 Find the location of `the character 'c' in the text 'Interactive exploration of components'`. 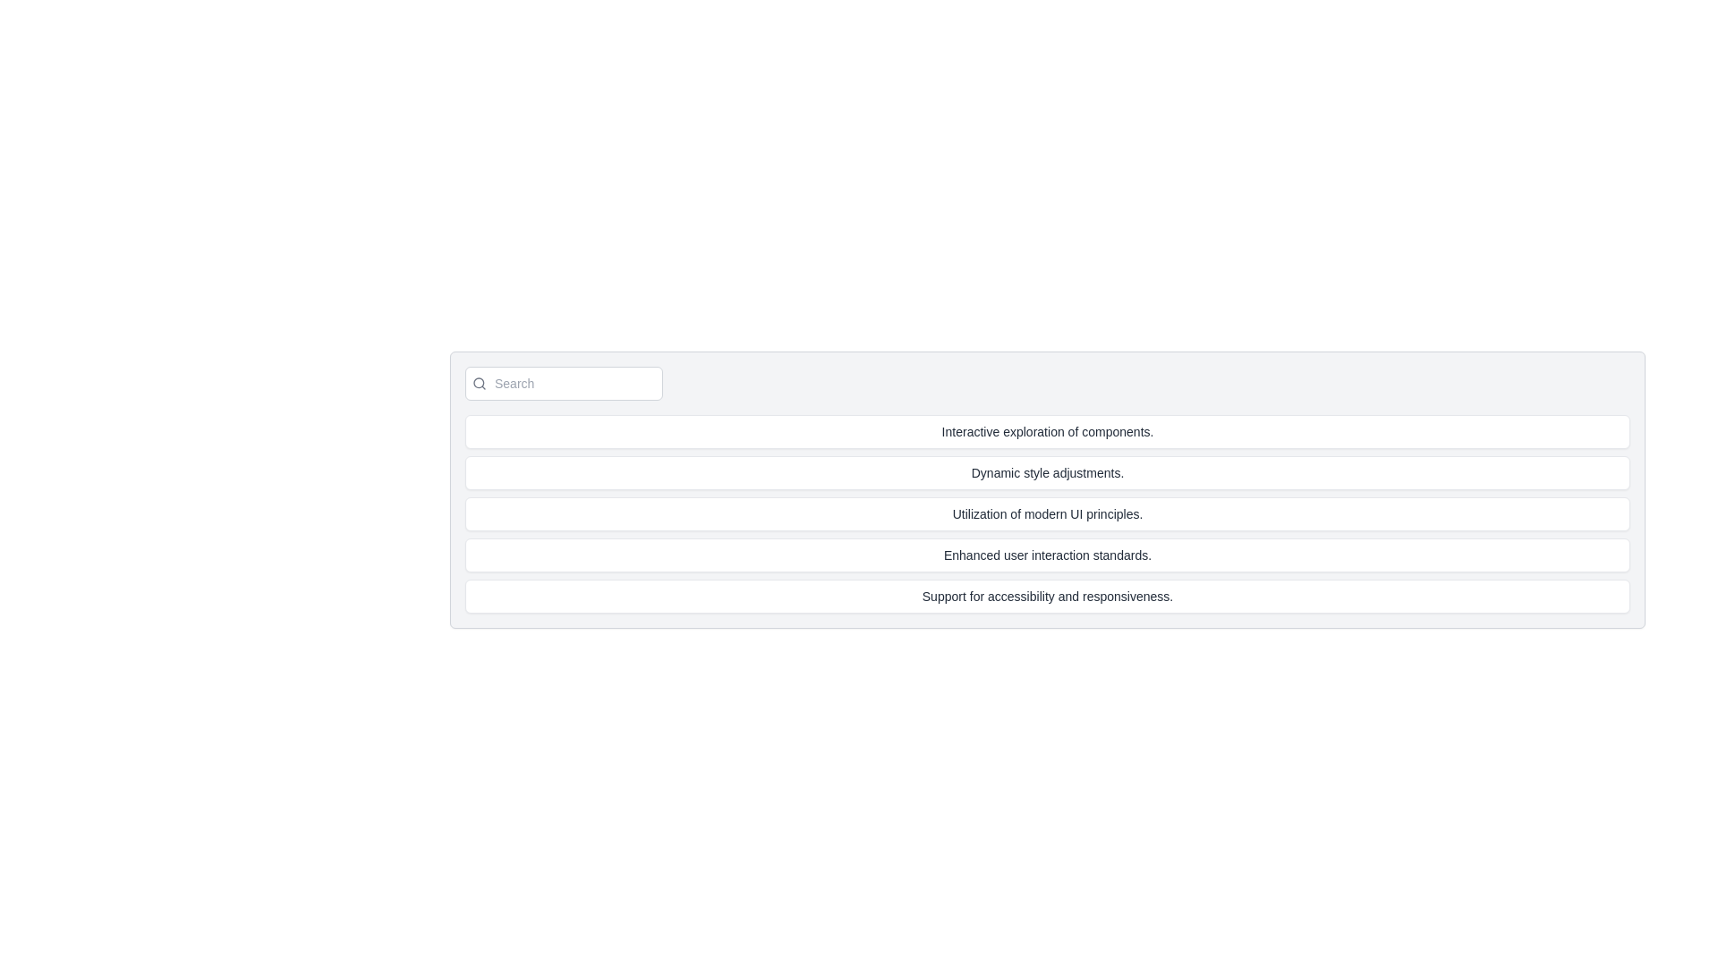

the character 'c' in the text 'Interactive exploration of components' is located at coordinates (1084, 431).